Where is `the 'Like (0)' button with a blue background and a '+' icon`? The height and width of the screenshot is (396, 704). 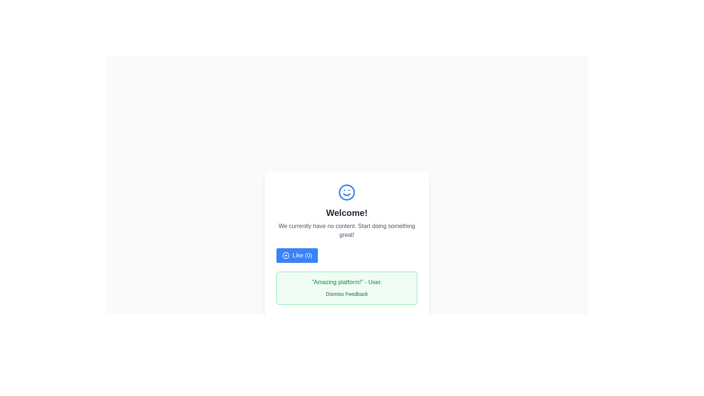 the 'Like (0)' button with a blue background and a '+' icon is located at coordinates (297, 255).